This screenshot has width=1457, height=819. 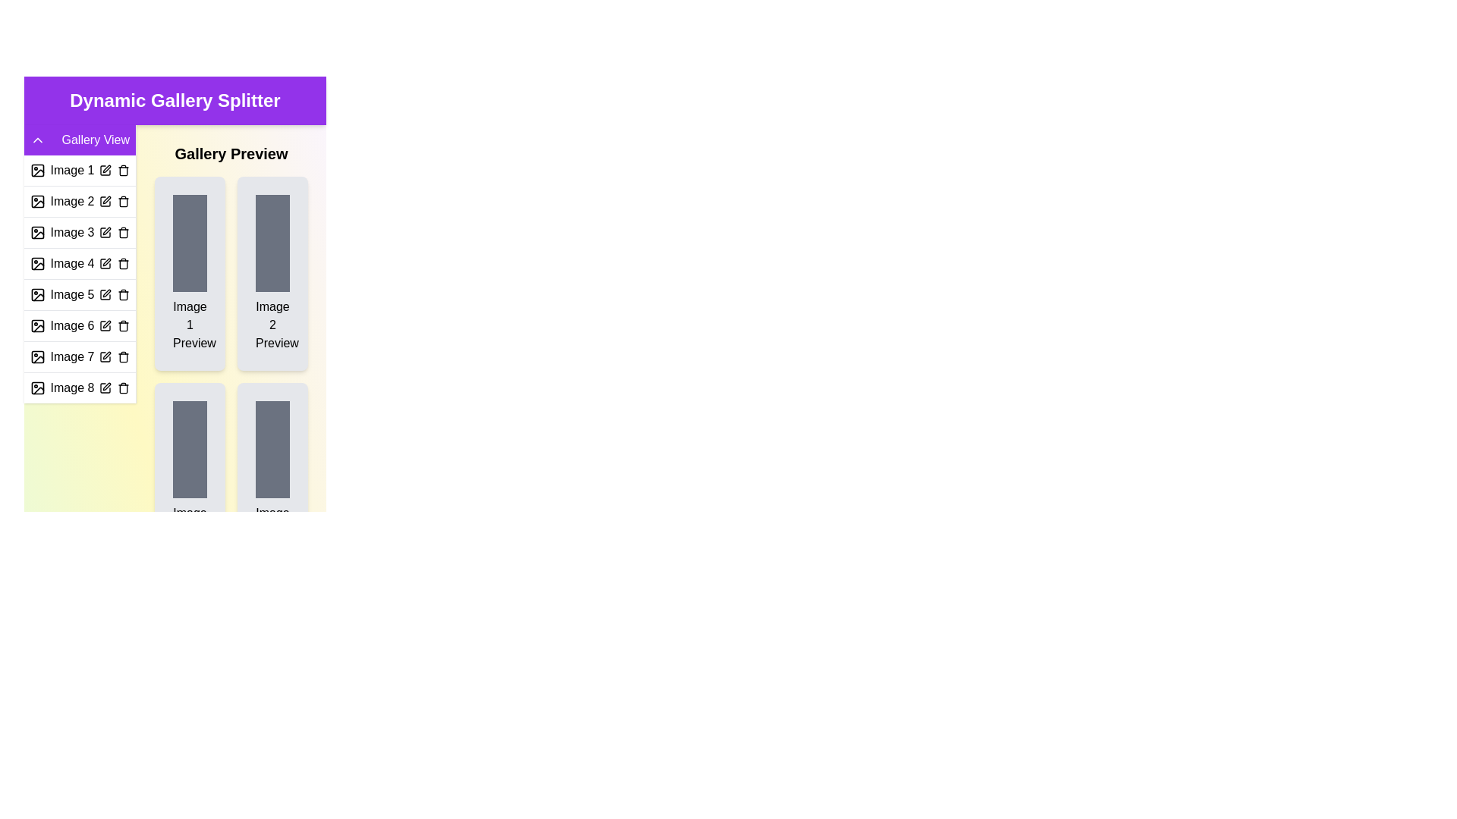 What do you see at coordinates (71, 170) in the screenshot?
I see `the static text label 'Image 1' in the left-hand sidebar labeled 'Gallery View'` at bounding box center [71, 170].